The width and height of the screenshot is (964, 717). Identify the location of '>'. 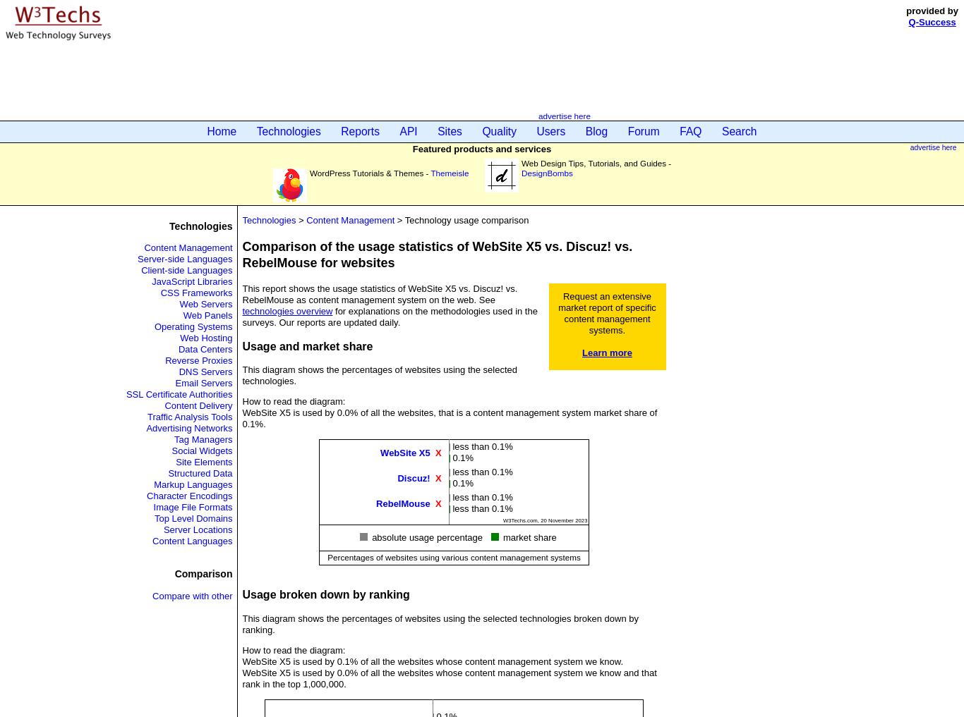
(300, 220).